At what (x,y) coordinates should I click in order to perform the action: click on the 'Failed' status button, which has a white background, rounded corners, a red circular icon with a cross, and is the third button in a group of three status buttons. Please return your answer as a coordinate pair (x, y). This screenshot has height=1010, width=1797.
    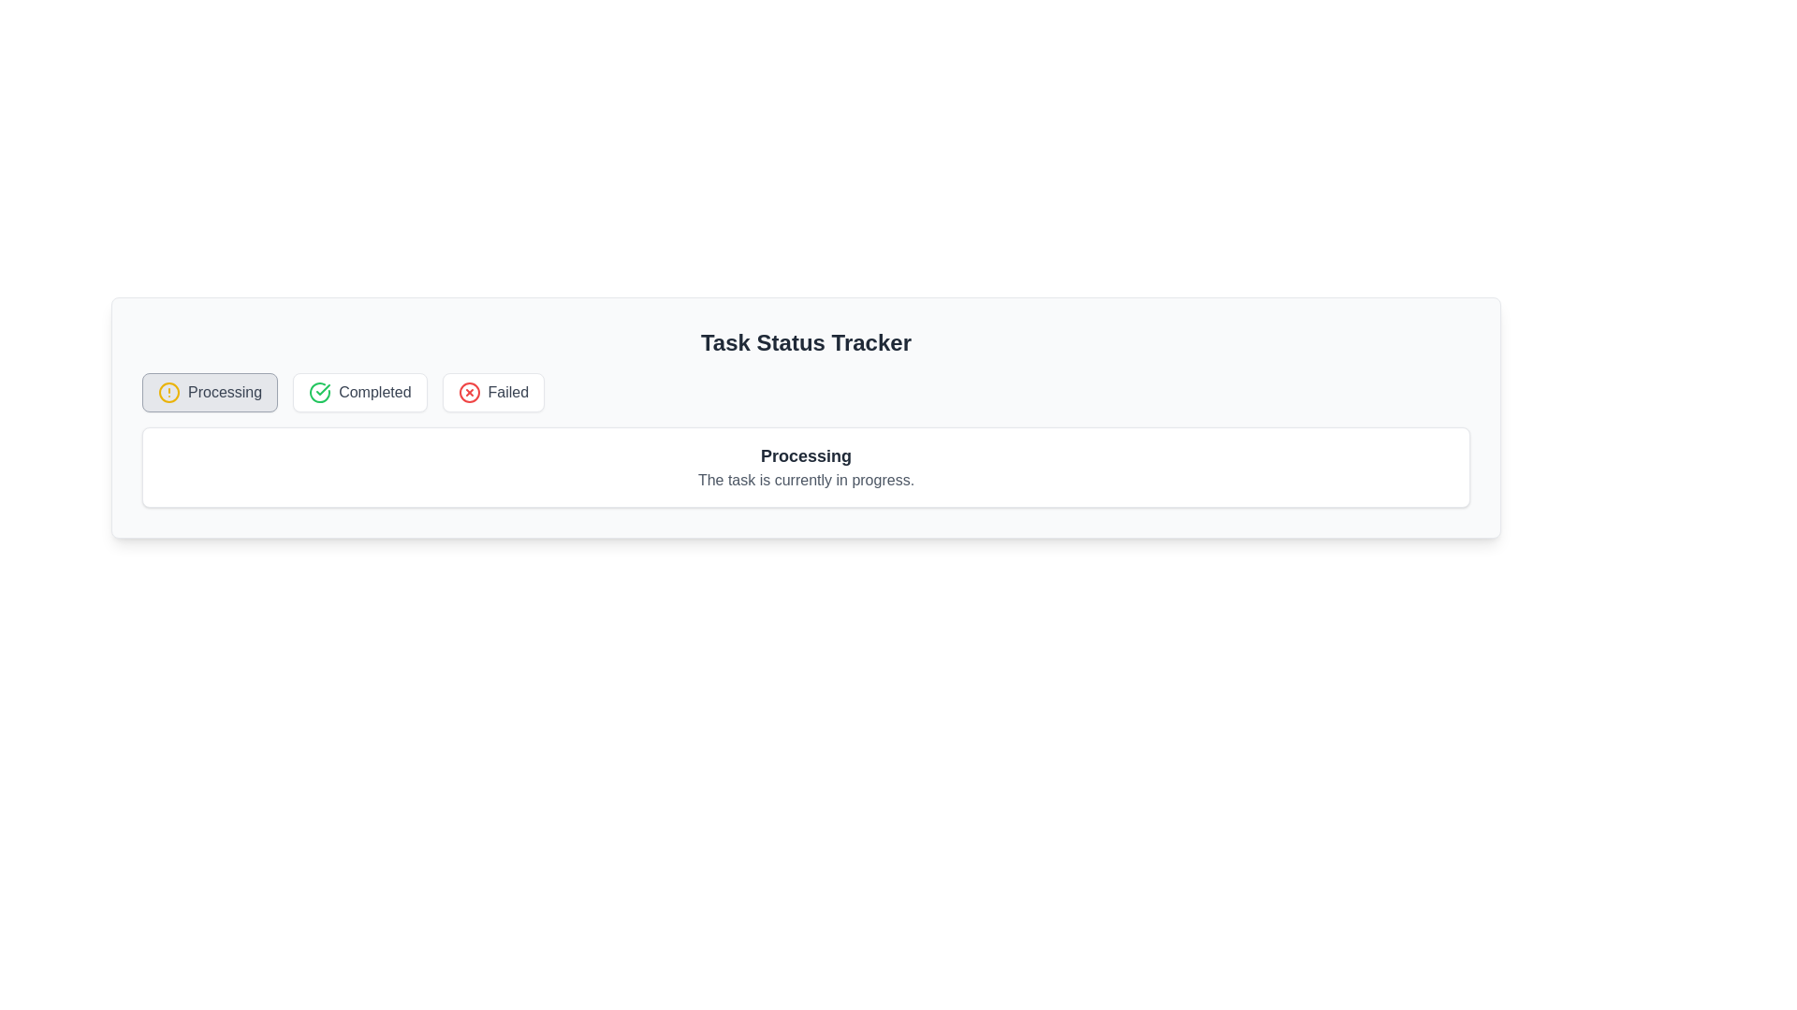
    Looking at the image, I should click on (493, 392).